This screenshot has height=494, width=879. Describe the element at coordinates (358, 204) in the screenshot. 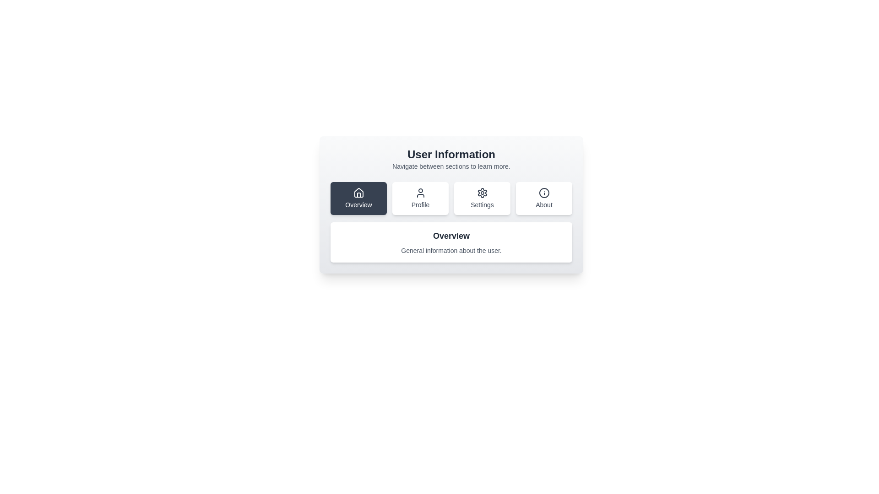

I see `the 'Overview' text label, which serves as a description for the button in the 'User Information' section` at that location.